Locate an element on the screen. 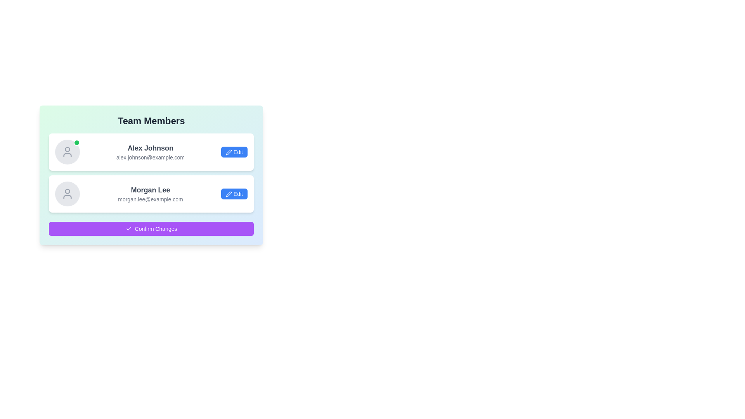  the decorative circle inside the user icon associated with 'Alex Johnson' in the first entry of the list is located at coordinates (67, 149).